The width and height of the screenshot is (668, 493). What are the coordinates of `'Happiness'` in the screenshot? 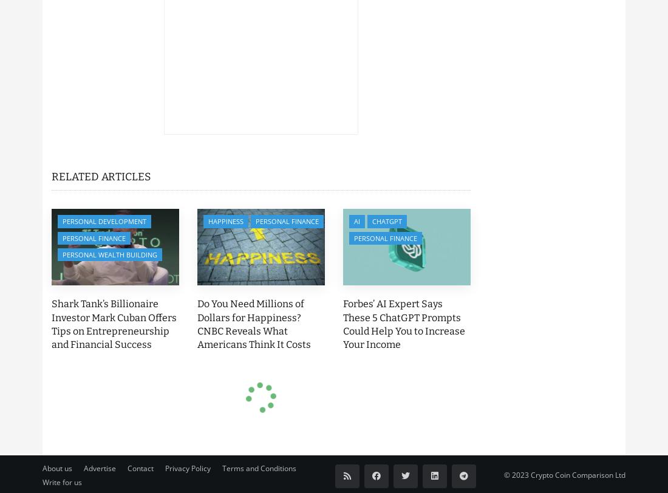 It's located at (226, 221).